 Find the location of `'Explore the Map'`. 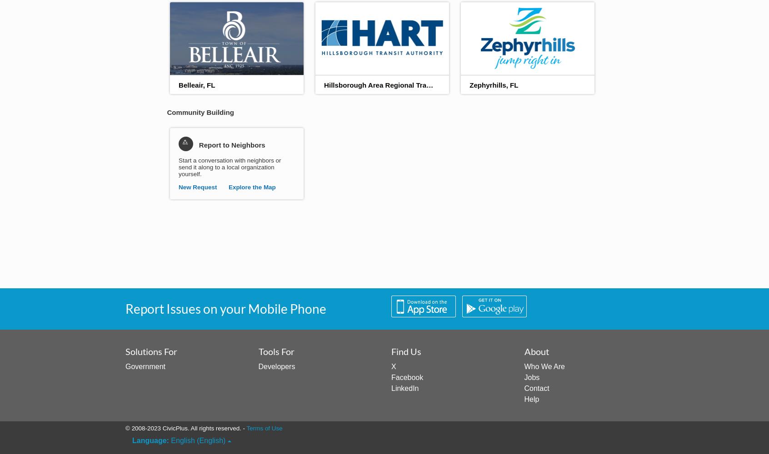

'Explore the Map' is located at coordinates (251, 187).